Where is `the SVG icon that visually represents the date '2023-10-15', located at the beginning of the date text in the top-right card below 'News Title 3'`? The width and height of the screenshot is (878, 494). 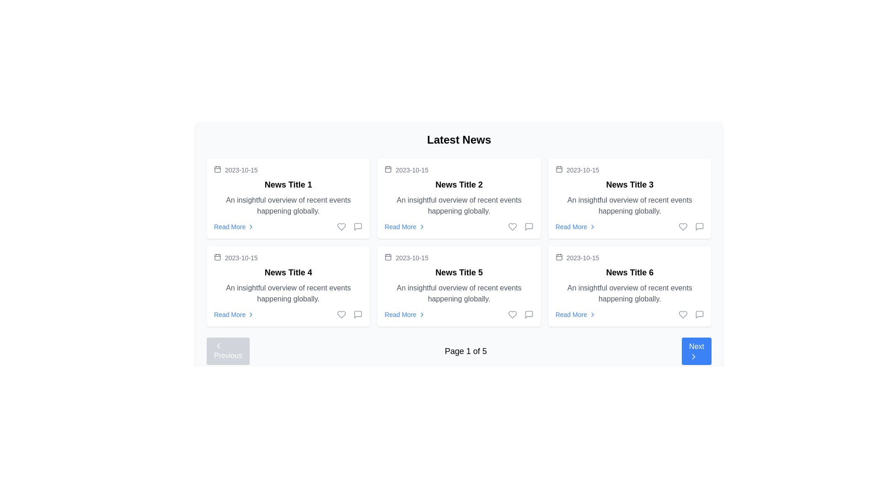
the SVG icon that visually represents the date '2023-10-15', located at the beginning of the date text in the top-right card below 'News Title 3' is located at coordinates (558, 257).